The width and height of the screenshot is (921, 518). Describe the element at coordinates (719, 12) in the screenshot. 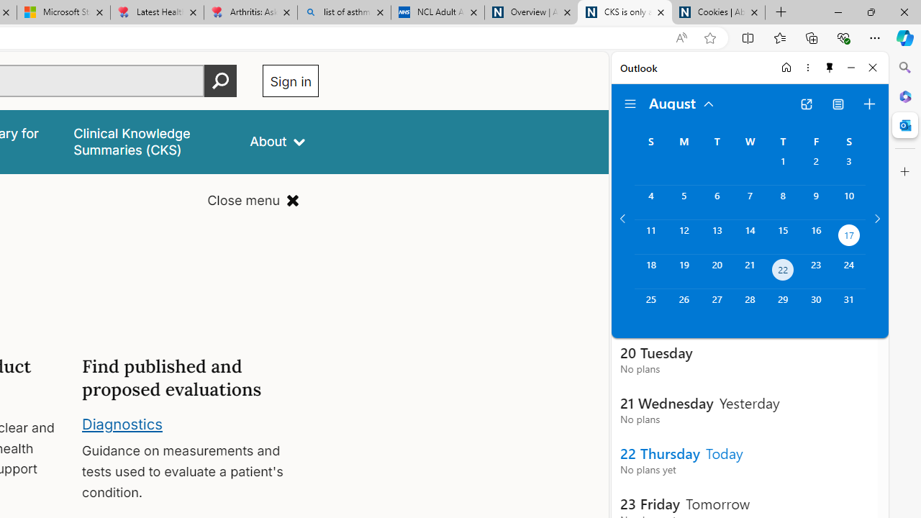

I see `'Cookies | About | NICE'` at that location.